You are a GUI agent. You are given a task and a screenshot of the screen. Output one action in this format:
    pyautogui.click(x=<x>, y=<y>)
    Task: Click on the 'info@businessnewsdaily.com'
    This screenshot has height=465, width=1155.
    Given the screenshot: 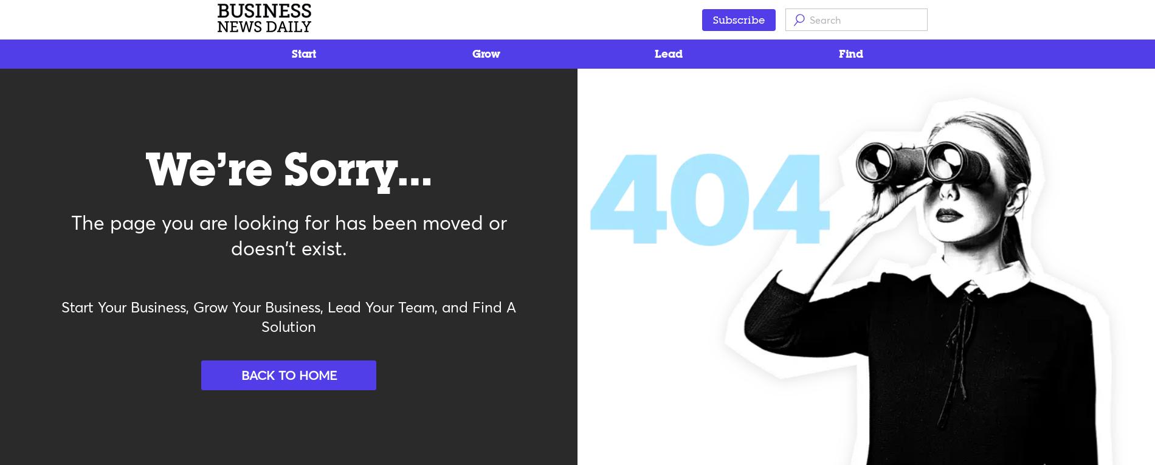 What is the action you would take?
    pyautogui.click(x=252, y=356)
    